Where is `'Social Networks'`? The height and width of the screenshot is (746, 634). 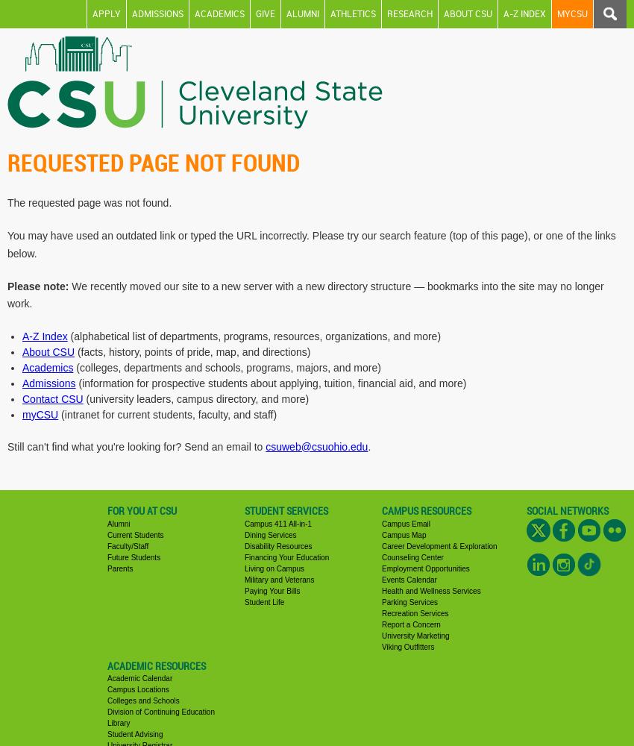
'Social Networks' is located at coordinates (568, 510).